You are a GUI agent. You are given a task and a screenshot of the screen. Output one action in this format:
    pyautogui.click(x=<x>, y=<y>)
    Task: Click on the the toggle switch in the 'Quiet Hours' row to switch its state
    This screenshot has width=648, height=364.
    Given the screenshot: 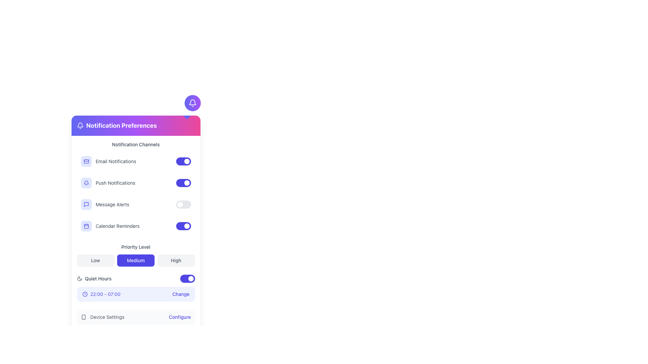 What is the action you would take?
    pyautogui.click(x=135, y=278)
    